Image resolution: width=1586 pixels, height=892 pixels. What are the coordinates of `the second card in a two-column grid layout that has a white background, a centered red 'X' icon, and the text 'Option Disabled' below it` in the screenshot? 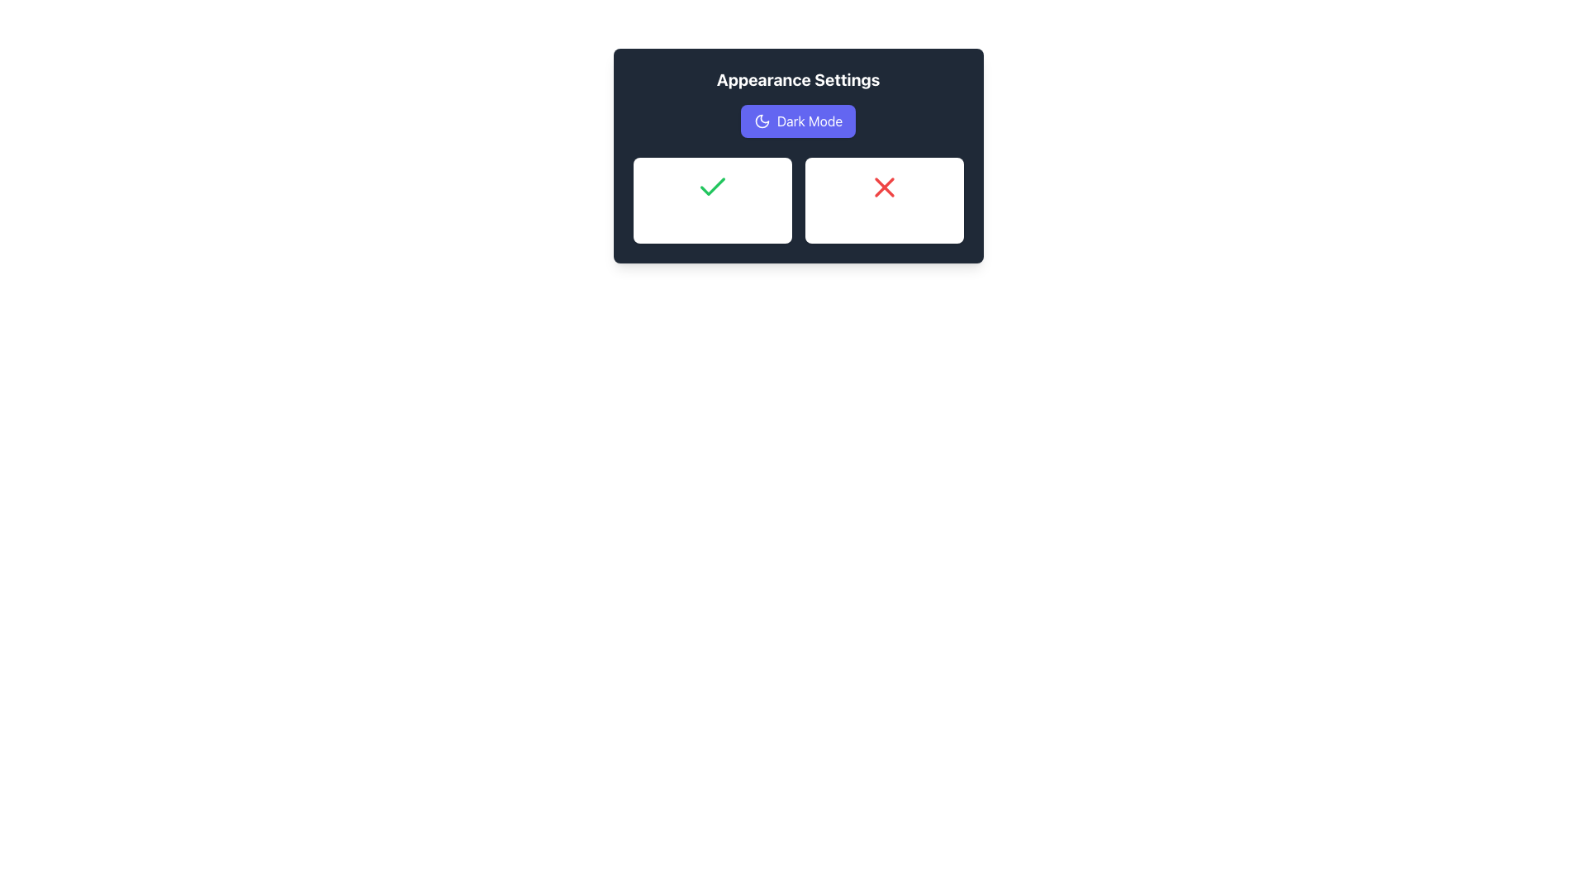 It's located at (883, 200).